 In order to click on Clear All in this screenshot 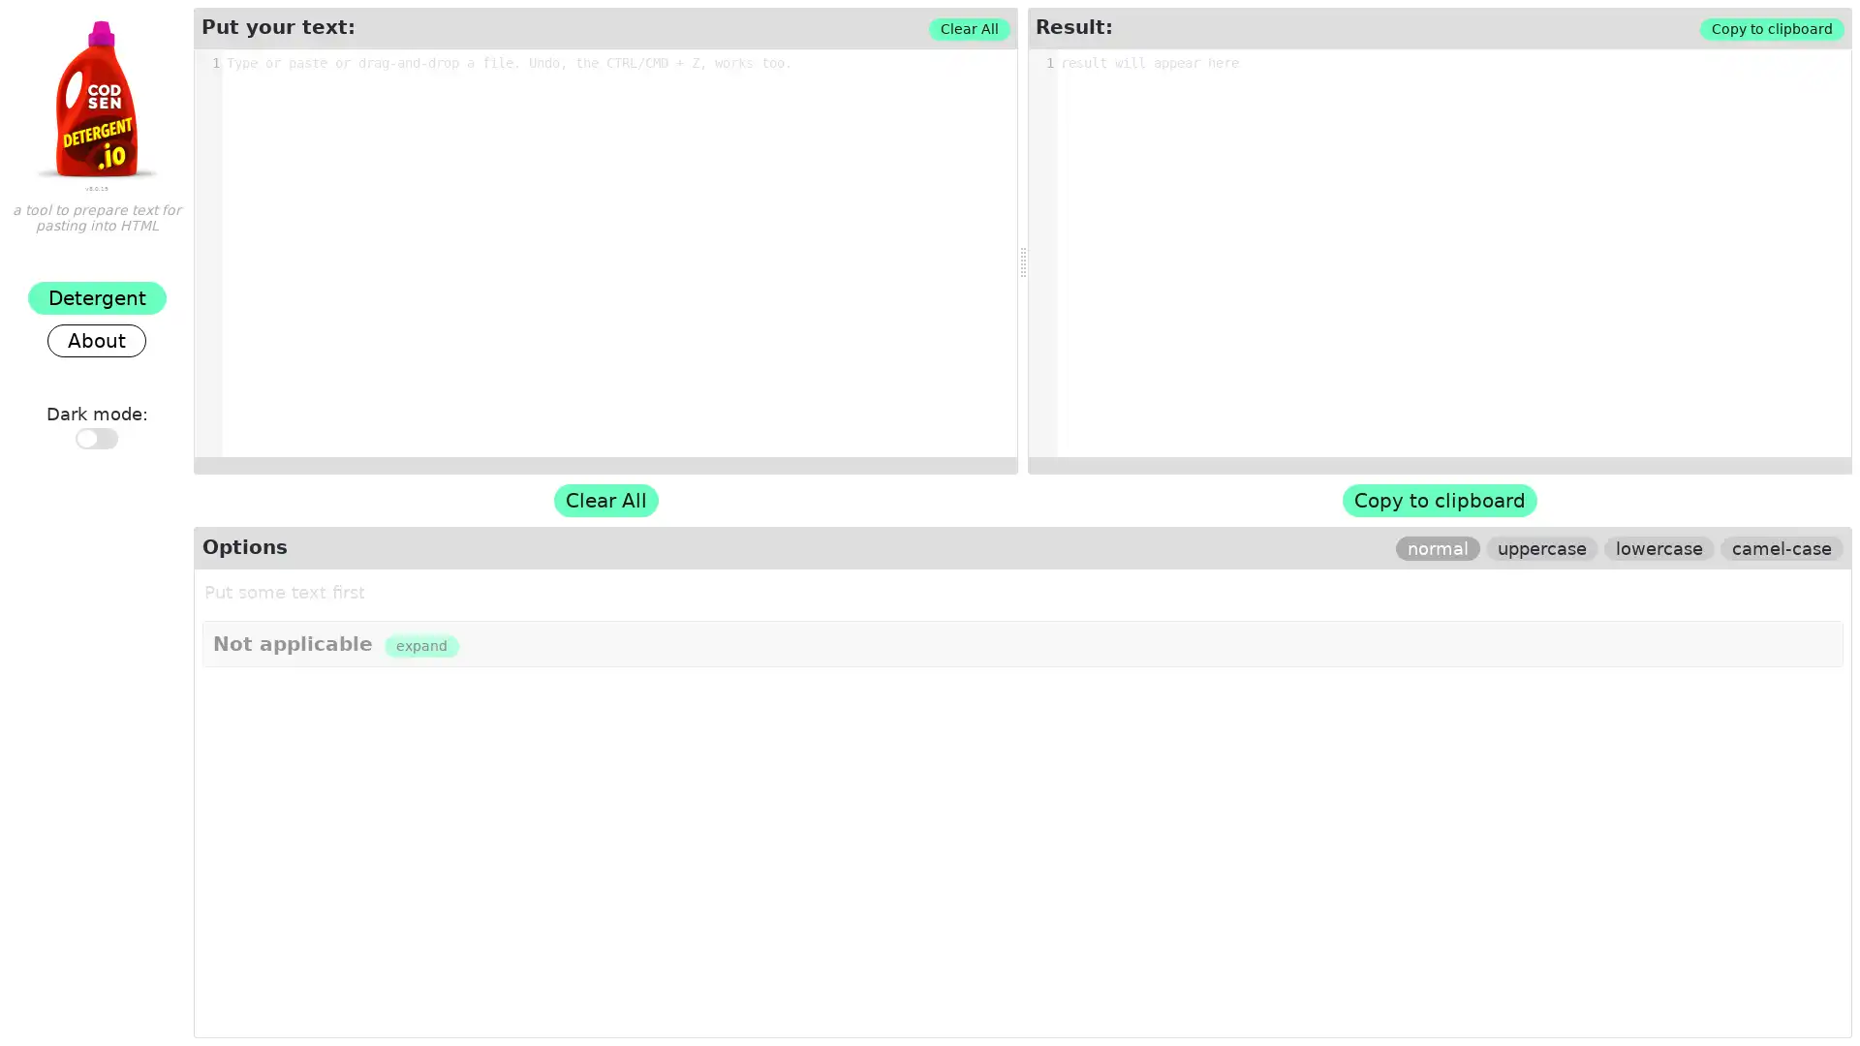, I will do `click(604, 499)`.